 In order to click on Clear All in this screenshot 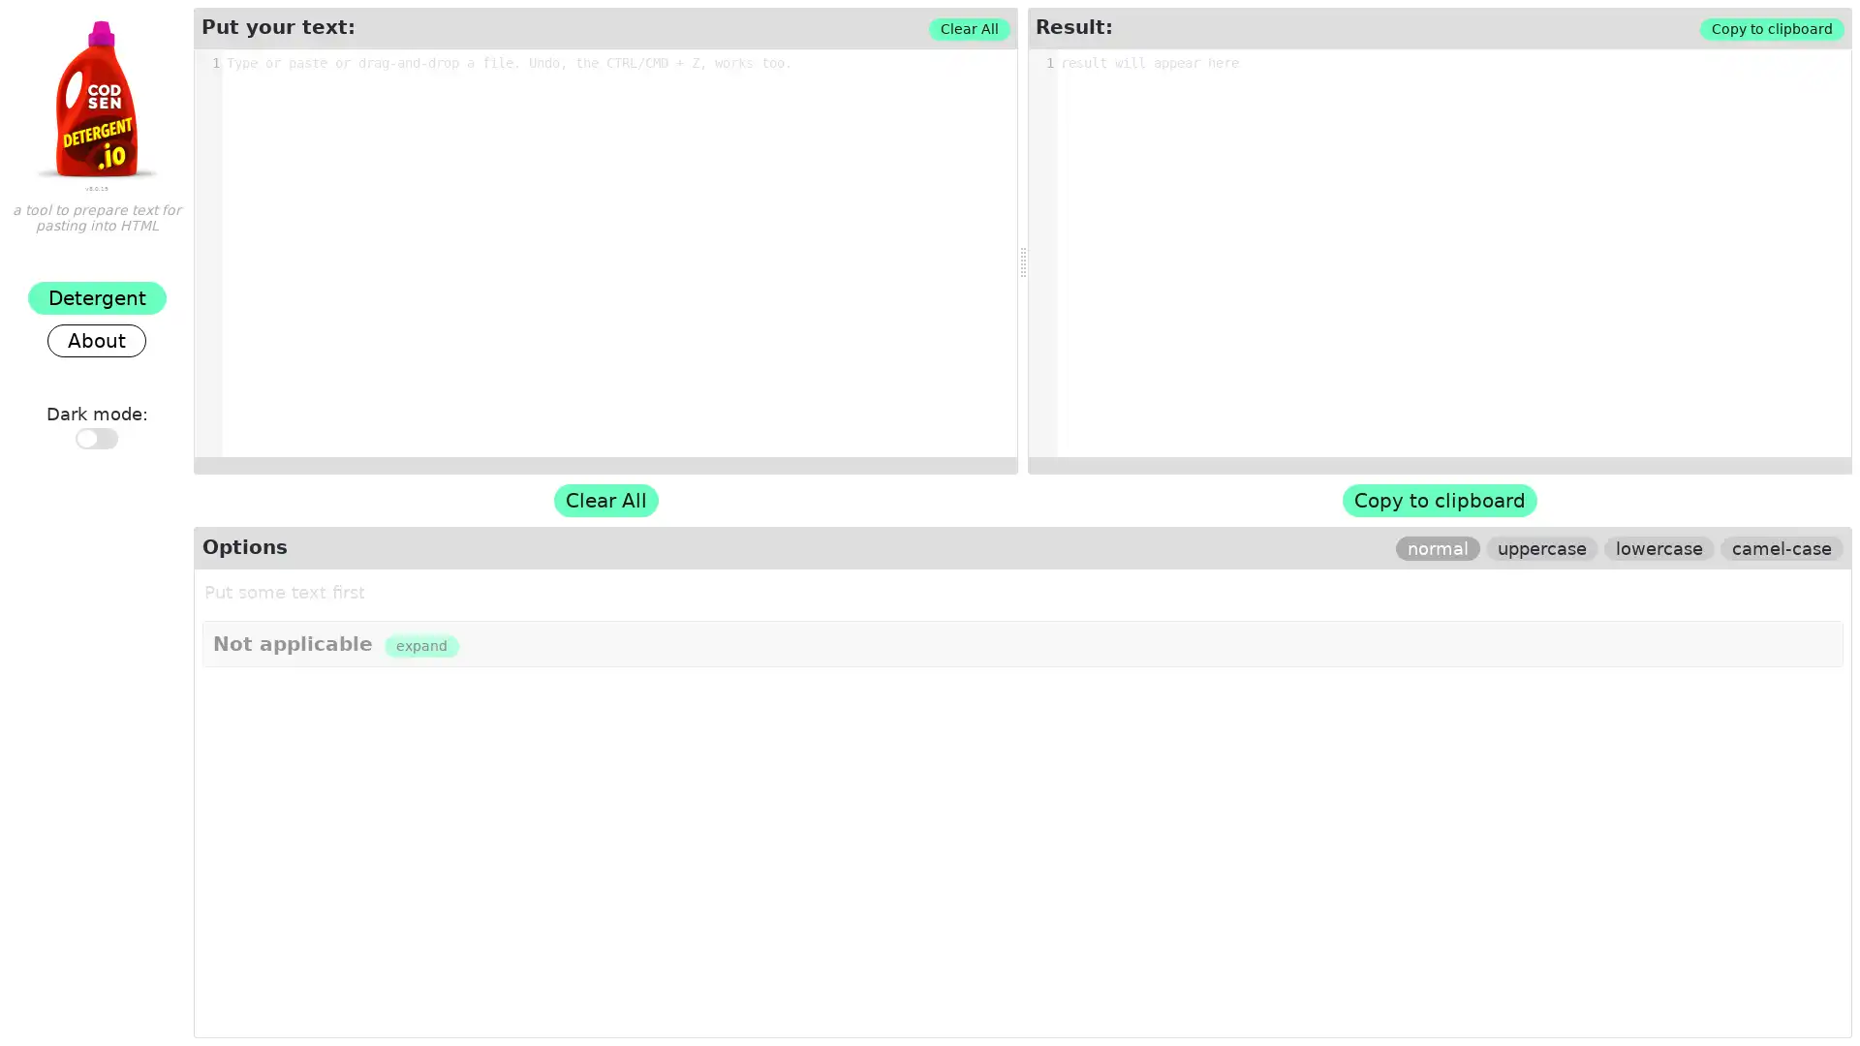, I will do `click(604, 499)`.